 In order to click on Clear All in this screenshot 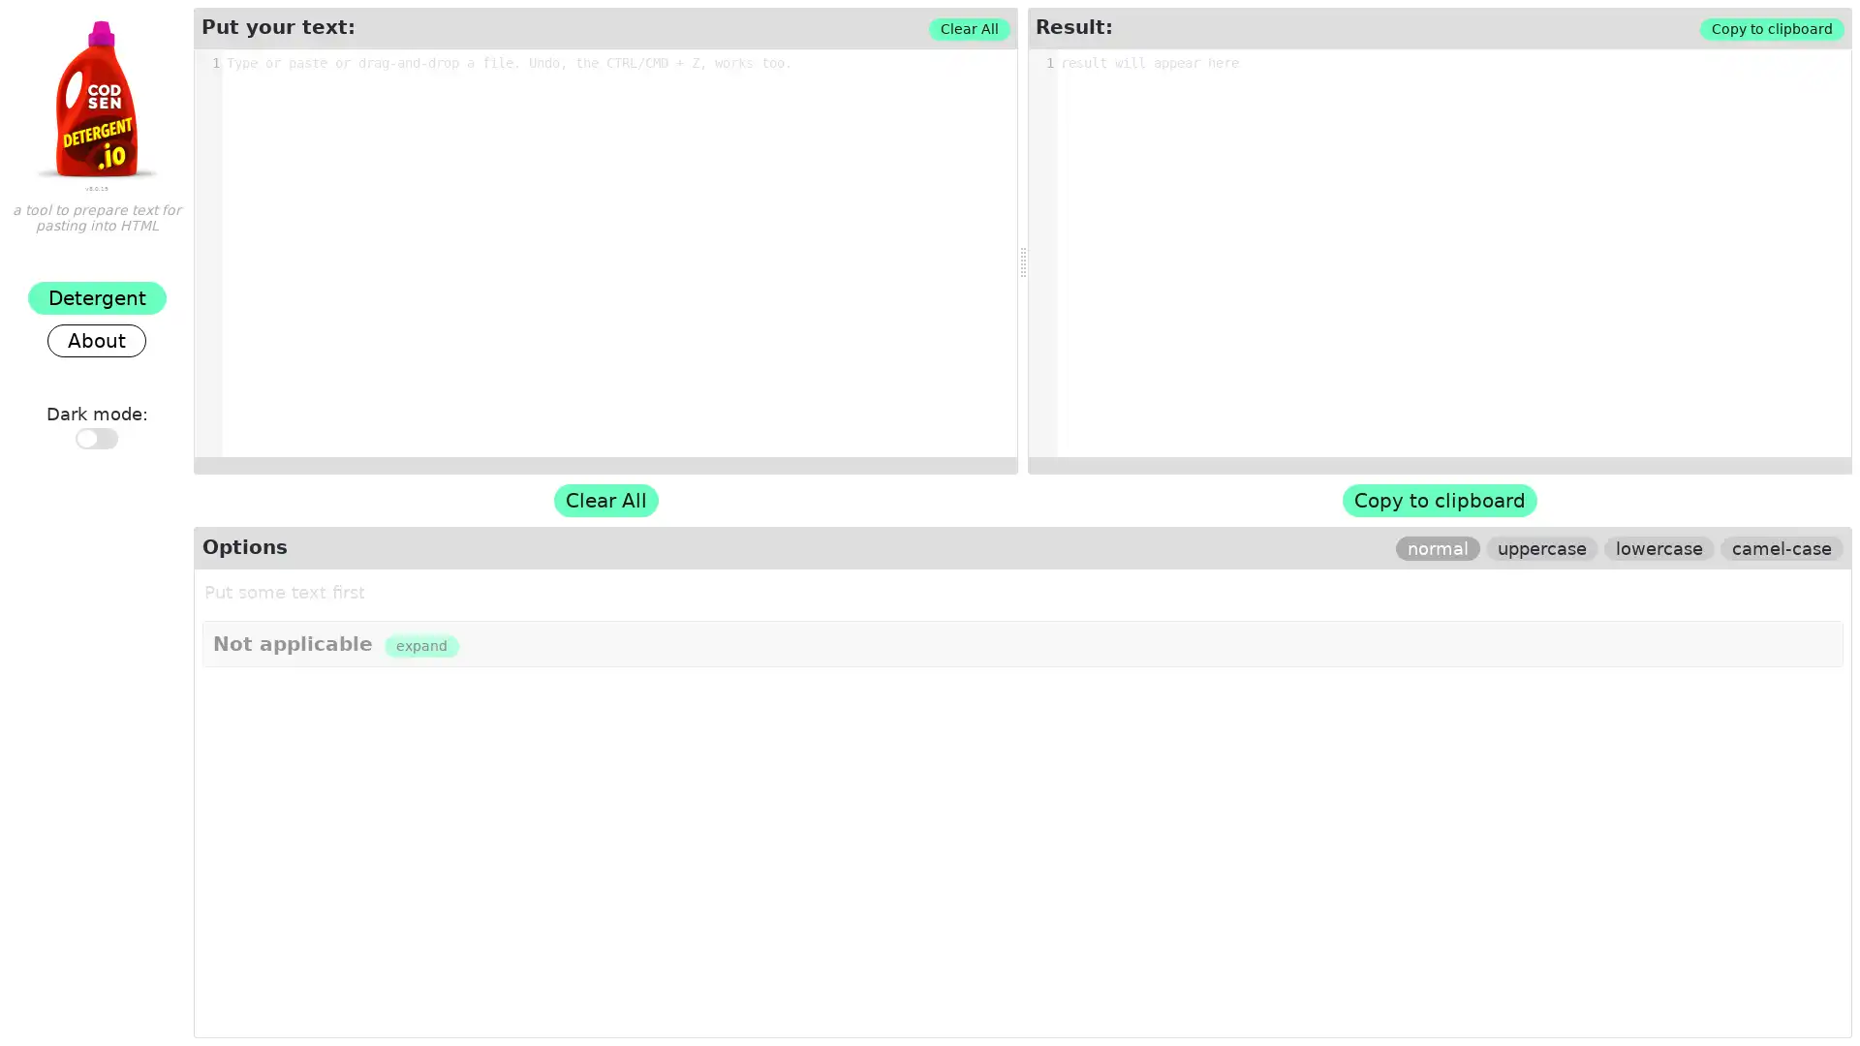, I will do `click(604, 499)`.